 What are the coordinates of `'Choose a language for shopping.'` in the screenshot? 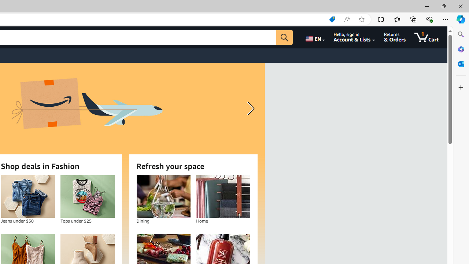 It's located at (314, 37).